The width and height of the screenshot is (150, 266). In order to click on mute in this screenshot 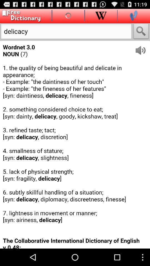, I will do `click(142, 48)`.